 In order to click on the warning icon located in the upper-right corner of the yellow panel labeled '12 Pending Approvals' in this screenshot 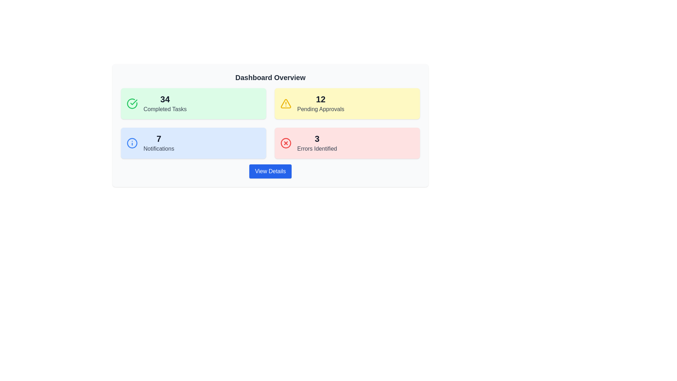, I will do `click(286, 103)`.